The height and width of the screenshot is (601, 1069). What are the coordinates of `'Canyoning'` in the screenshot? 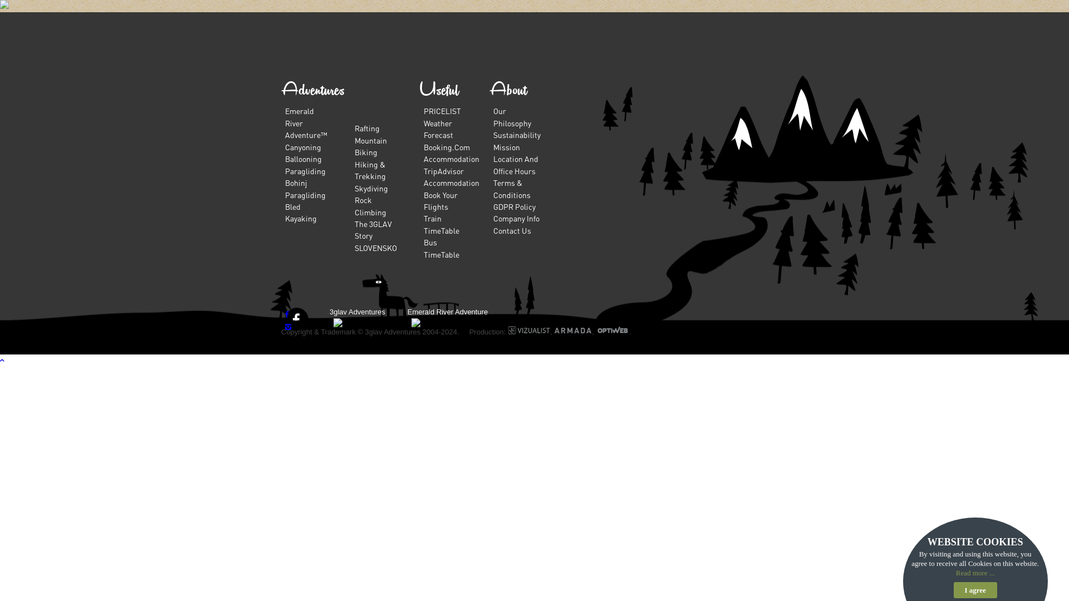 It's located at (303, 146).